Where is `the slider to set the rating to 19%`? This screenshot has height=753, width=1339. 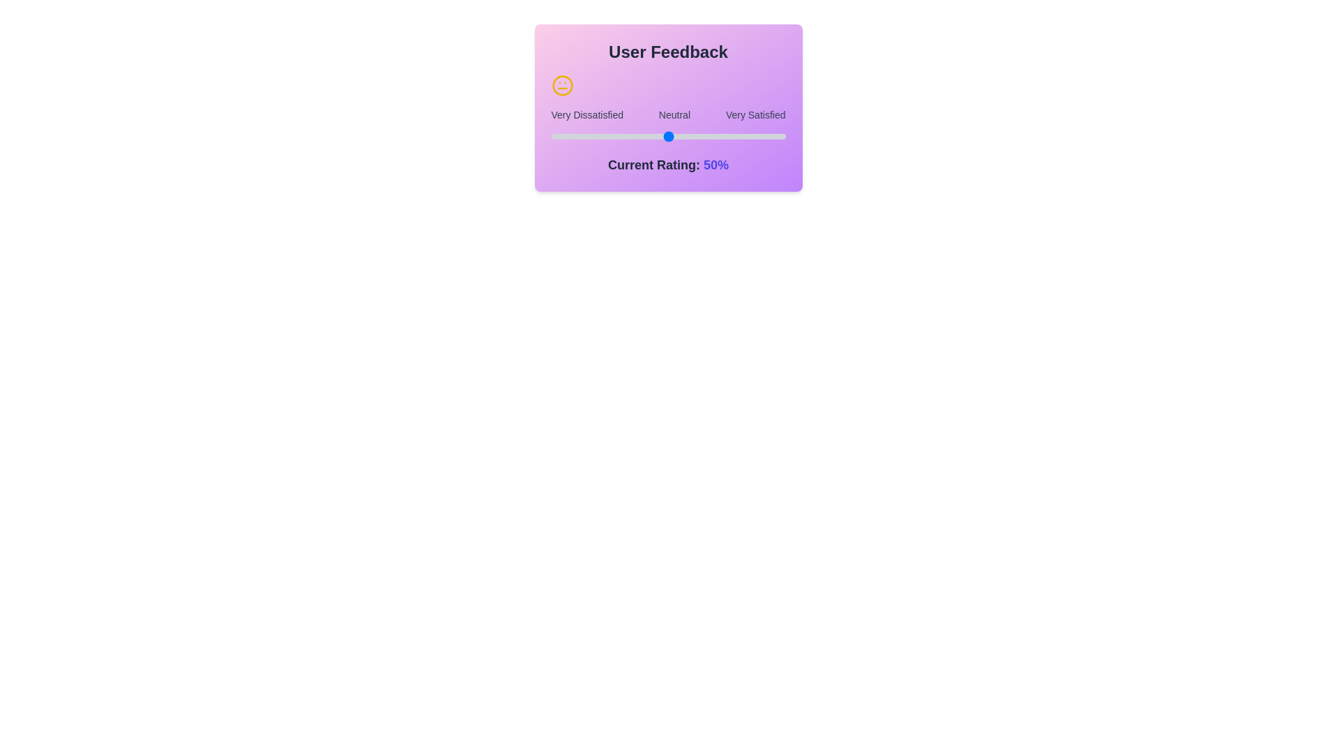 the slider to set the rating to 19% is located at coordinates (550, 137).